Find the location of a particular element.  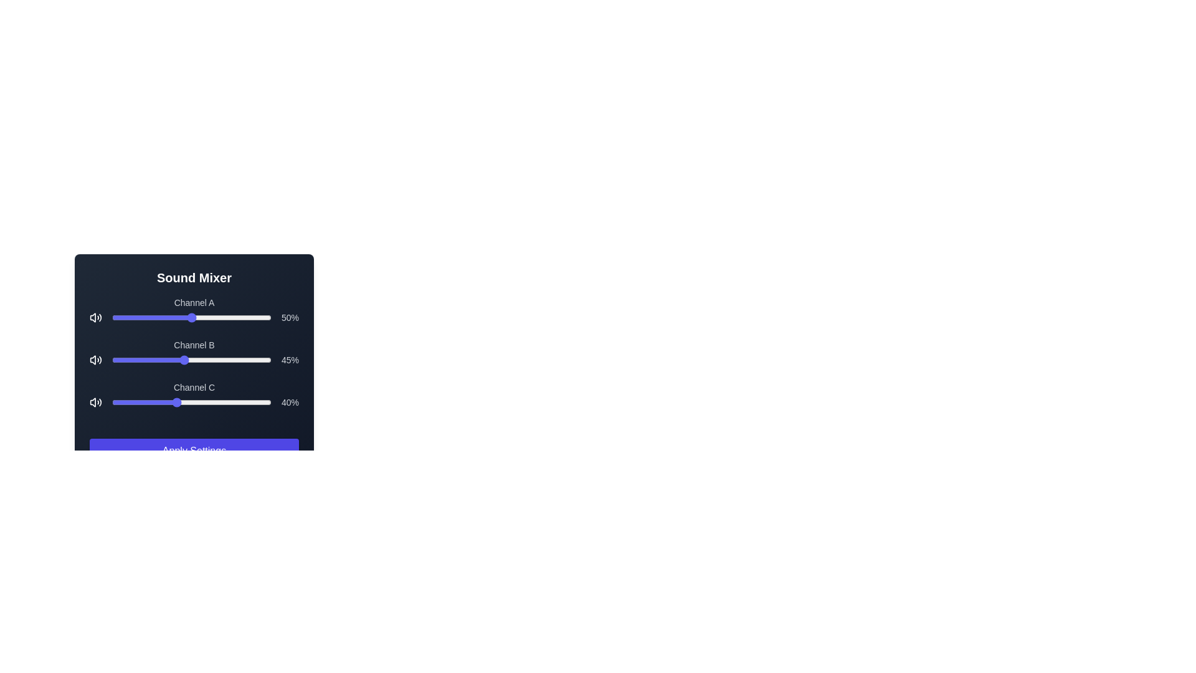

Channel C is located at coordinates (147, 402).